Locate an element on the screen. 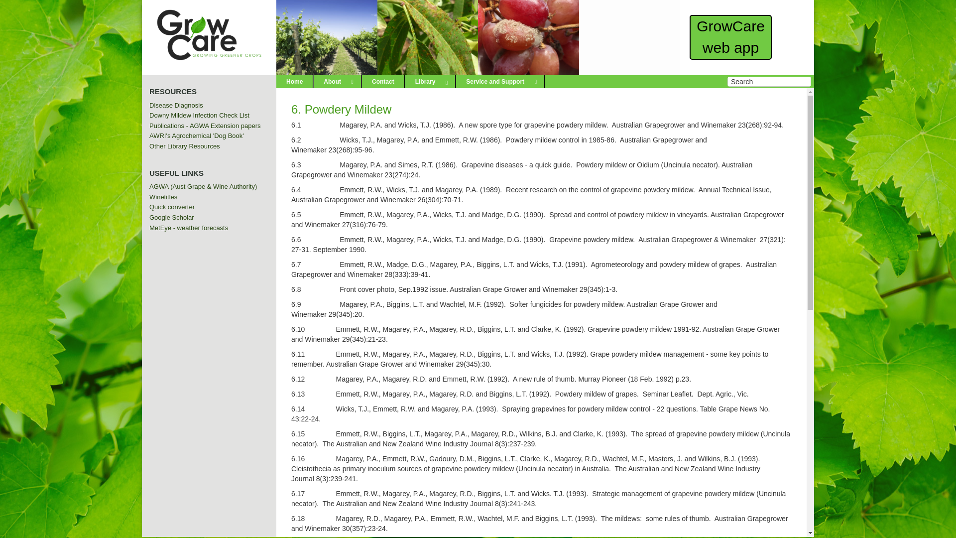 This screenshot has height=538, width=956. 'AWRI's Agrochemical 'Dog Book'' is located at coordinates (196, 135).